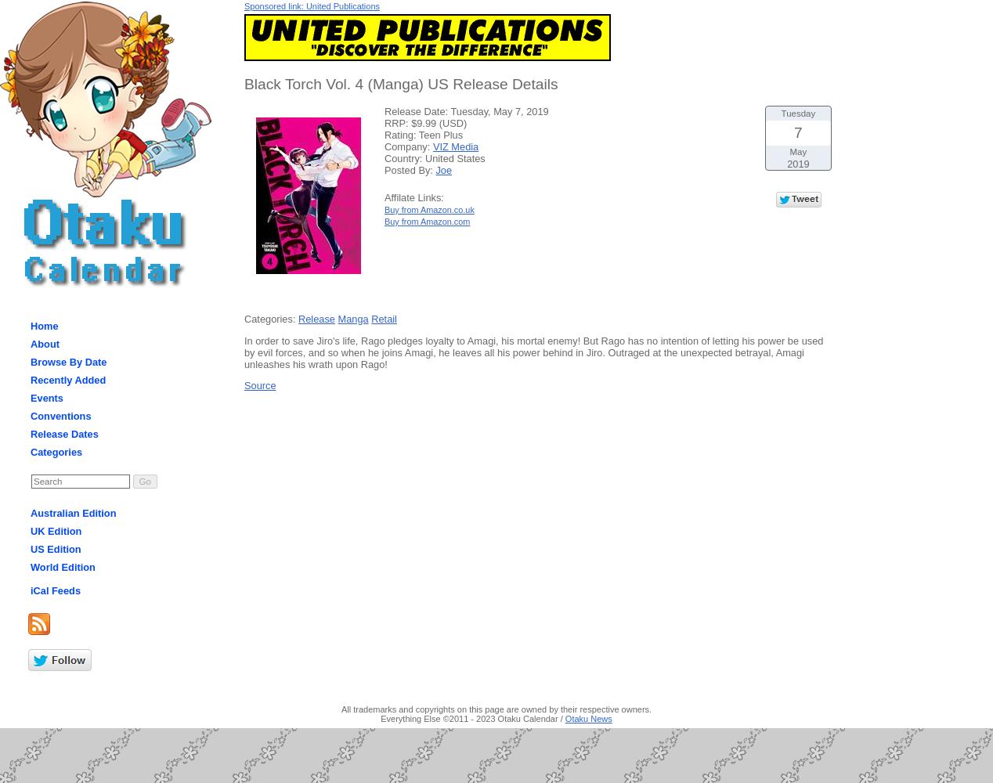 The height and width of the screenshot is (783, 993). I want to click on 'Release Date: Tuesday, May 7, 2019', so click(383, 110).